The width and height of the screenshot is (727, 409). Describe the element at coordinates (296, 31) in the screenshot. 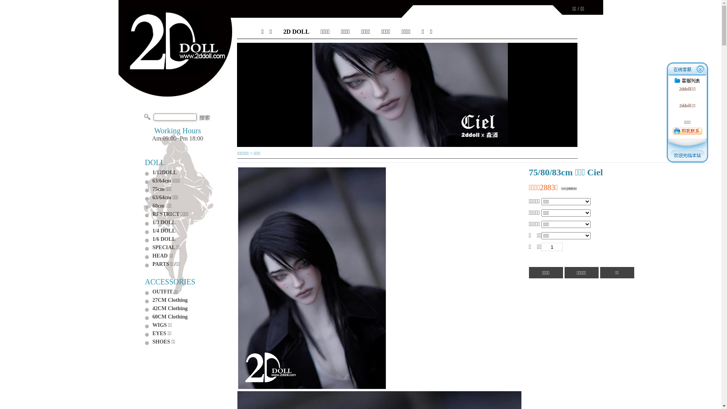

I see `'2D DOLL'` at that location.